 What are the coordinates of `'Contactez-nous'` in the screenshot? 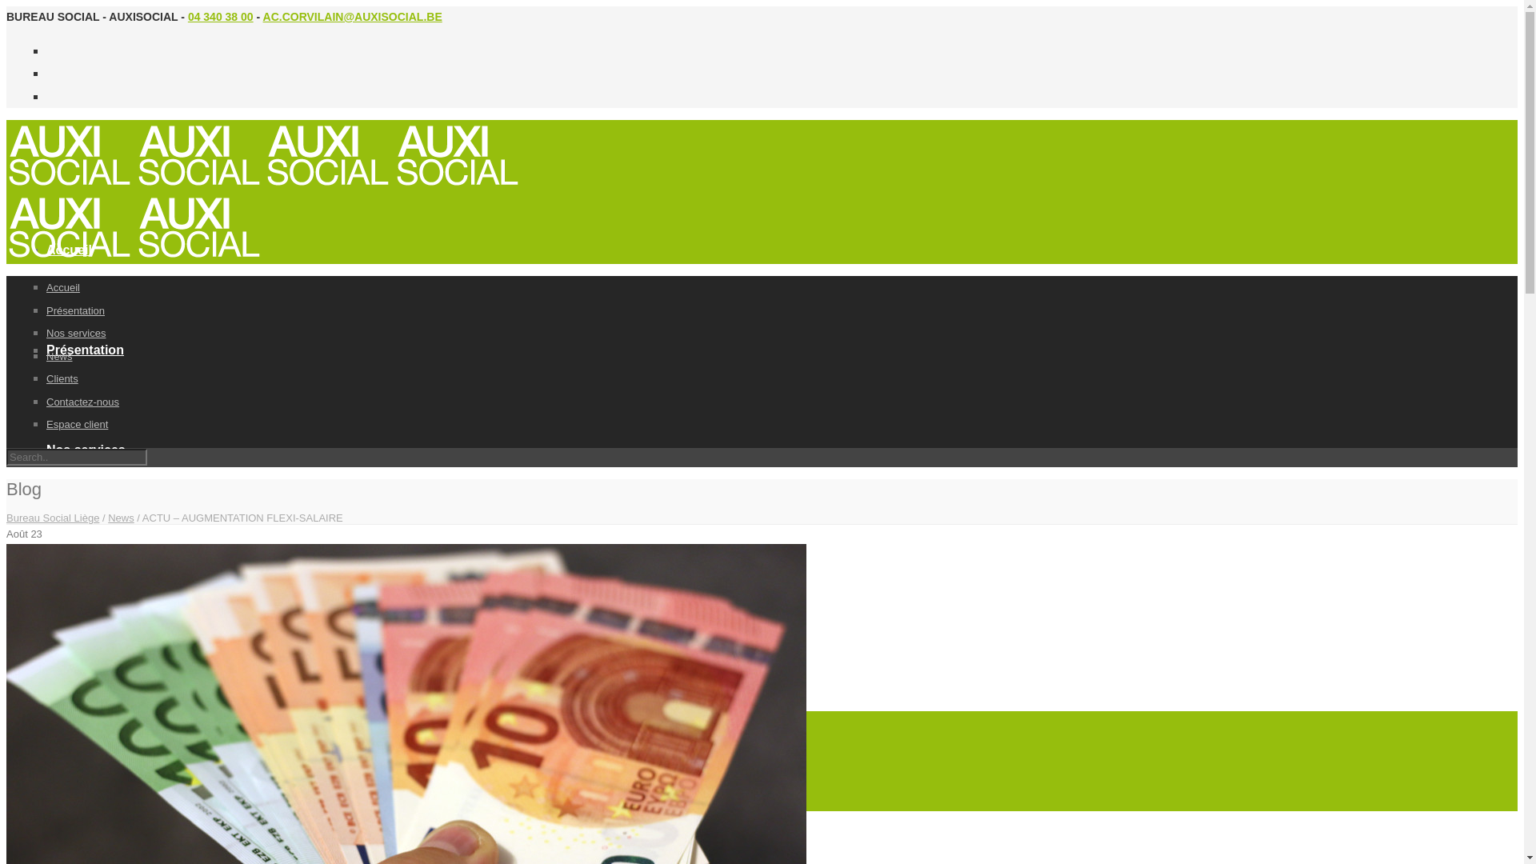 It's located at (94, 750).